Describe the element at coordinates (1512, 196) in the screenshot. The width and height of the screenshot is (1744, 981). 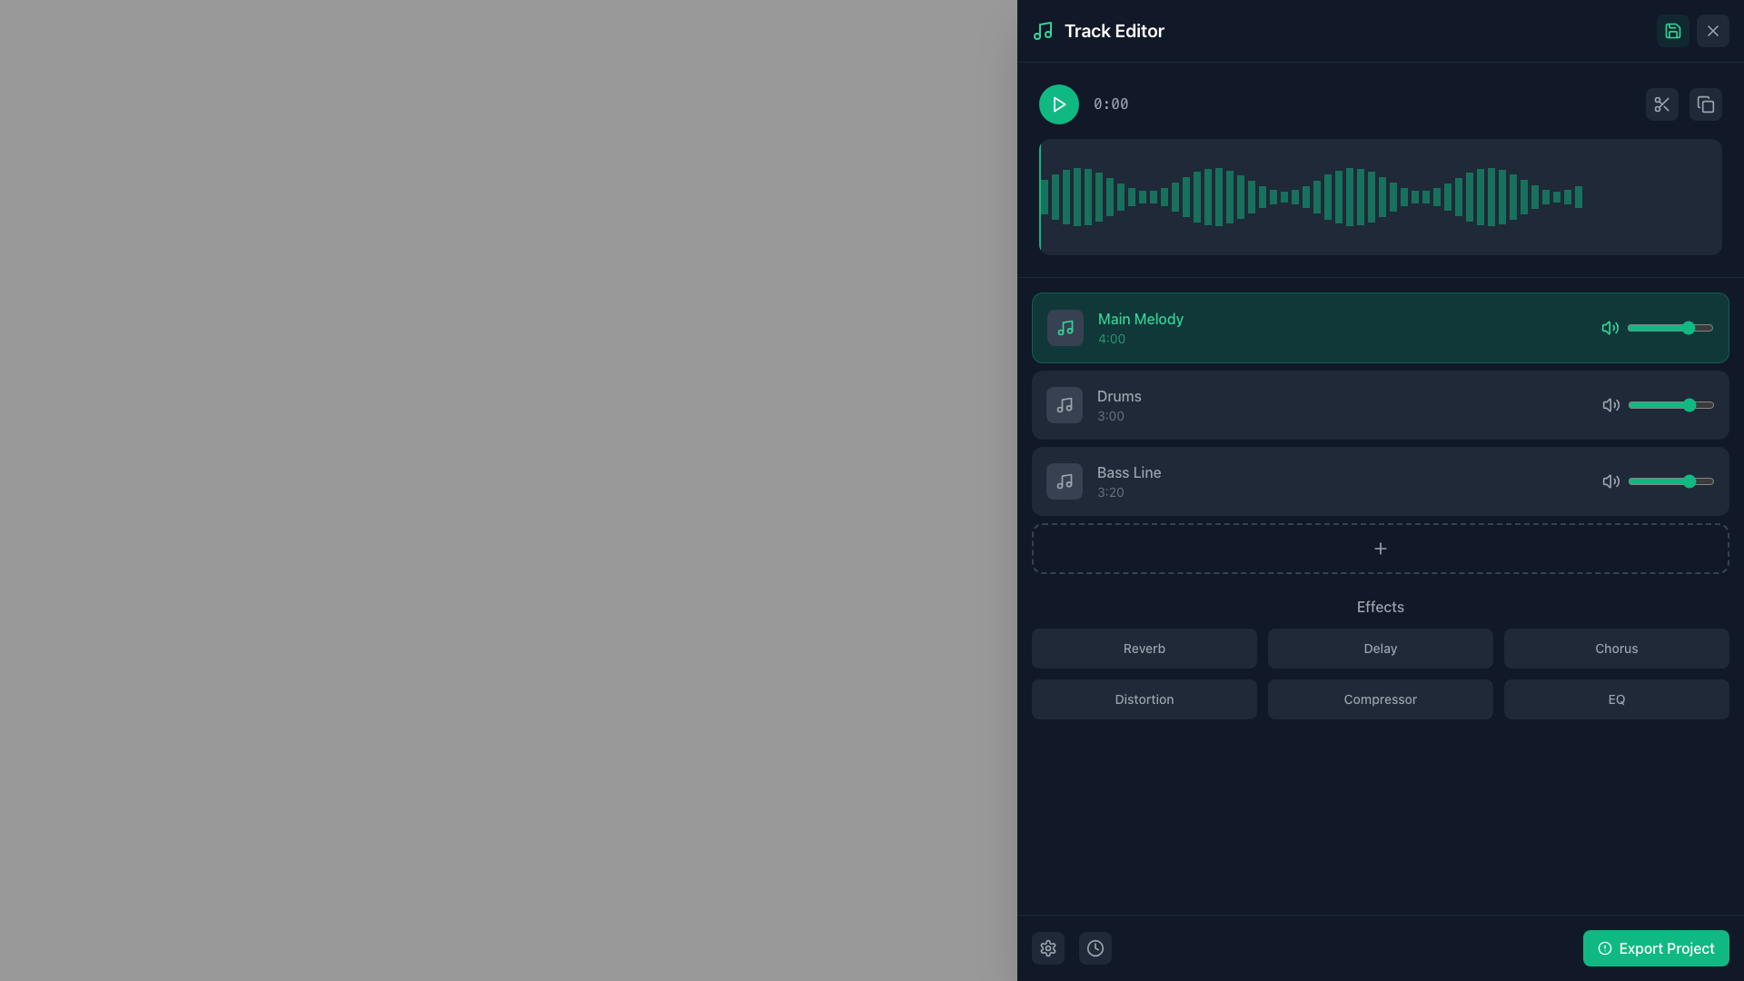
I see `the 52nd vertical Waveform bar, which has a green background and semi-transparent emerald overlay` at that location.